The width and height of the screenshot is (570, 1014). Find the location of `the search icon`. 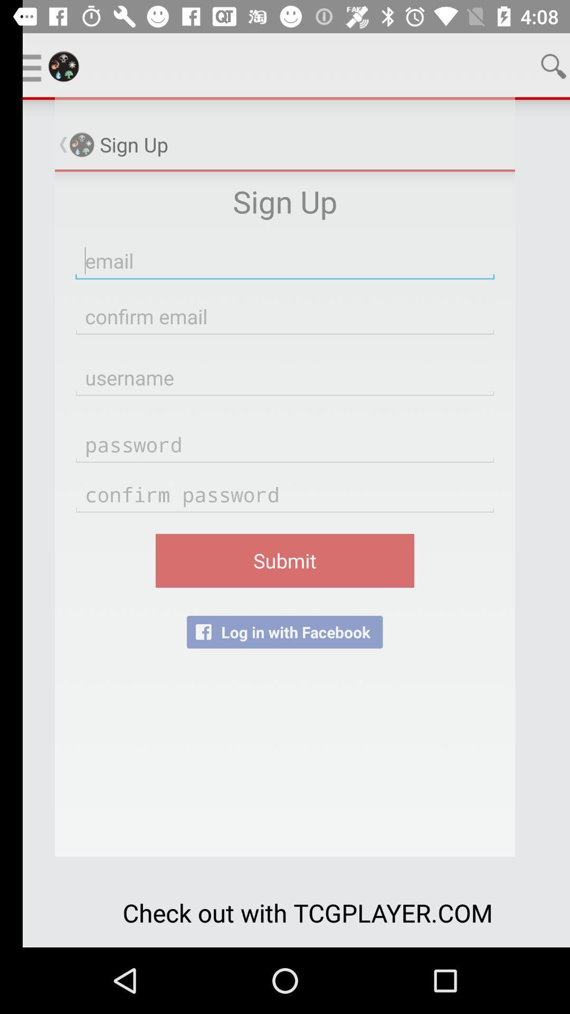

the search icon is located at coordinates (531, 65).